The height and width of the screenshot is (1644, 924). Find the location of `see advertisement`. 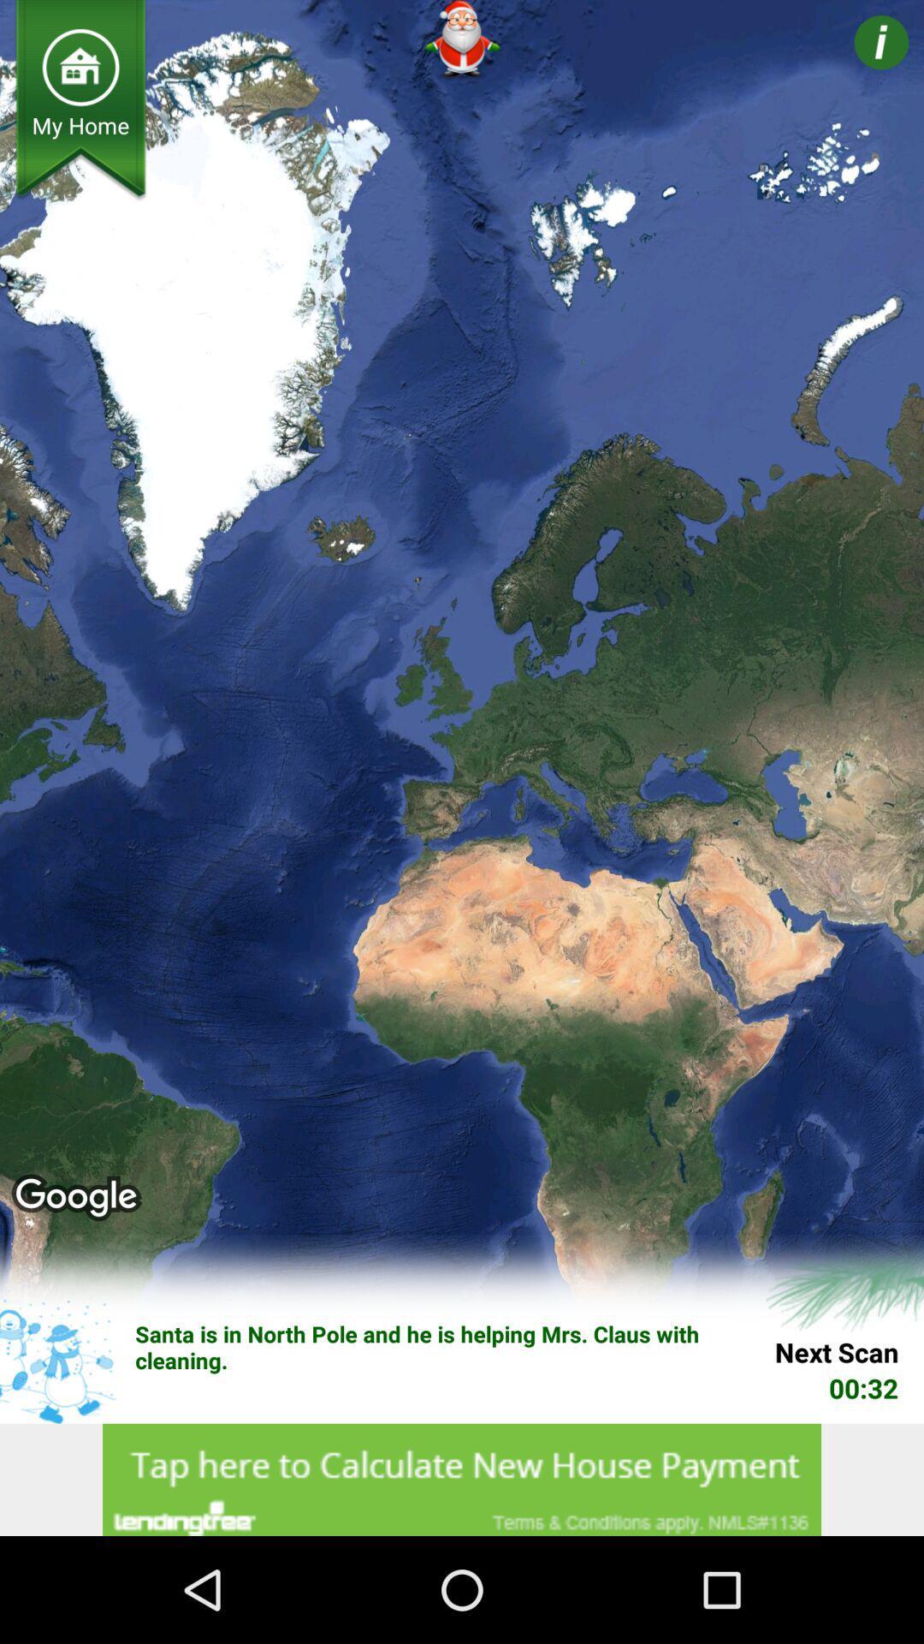

see advertisement is located at coordinates (462, 1479).